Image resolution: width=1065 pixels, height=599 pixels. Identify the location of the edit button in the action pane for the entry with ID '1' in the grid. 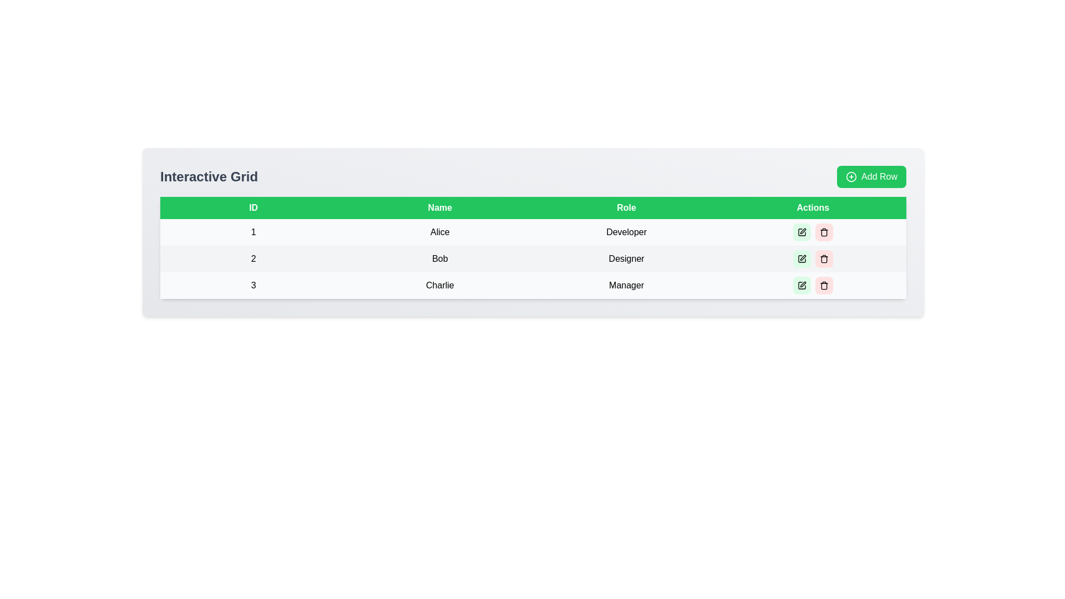
(813, 232).